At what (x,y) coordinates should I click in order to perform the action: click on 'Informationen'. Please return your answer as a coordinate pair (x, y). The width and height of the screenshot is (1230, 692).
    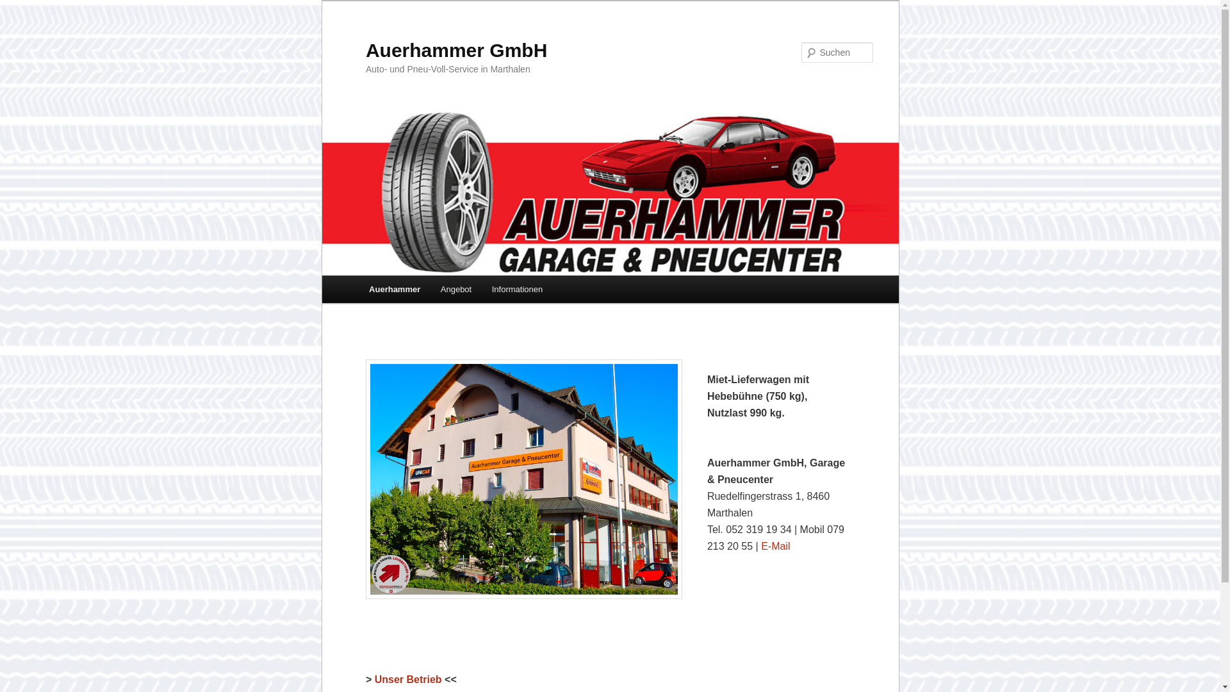
    Looking at the image, I should click on (517, 289).